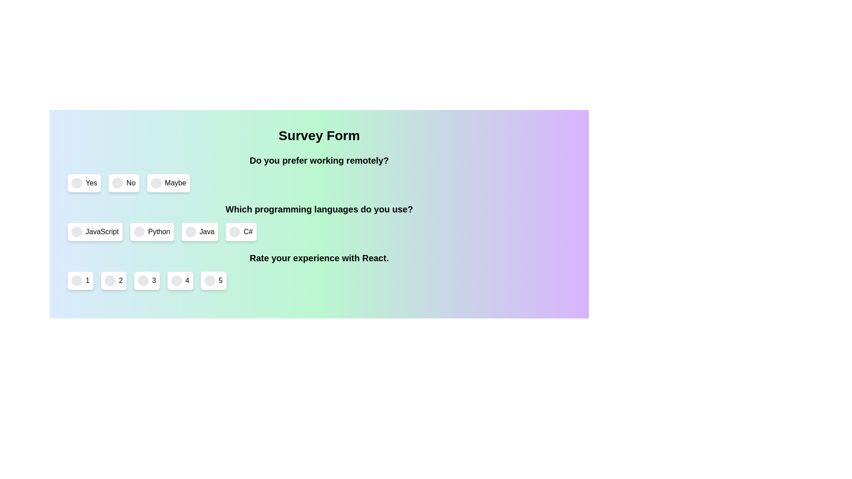  Describe the element at coordinates (87, 280) in the screenshot. I see `the static text label displaying the numeral '1', which is part of a selection interface for rating options, positioned to the right of a circular button` at that location.